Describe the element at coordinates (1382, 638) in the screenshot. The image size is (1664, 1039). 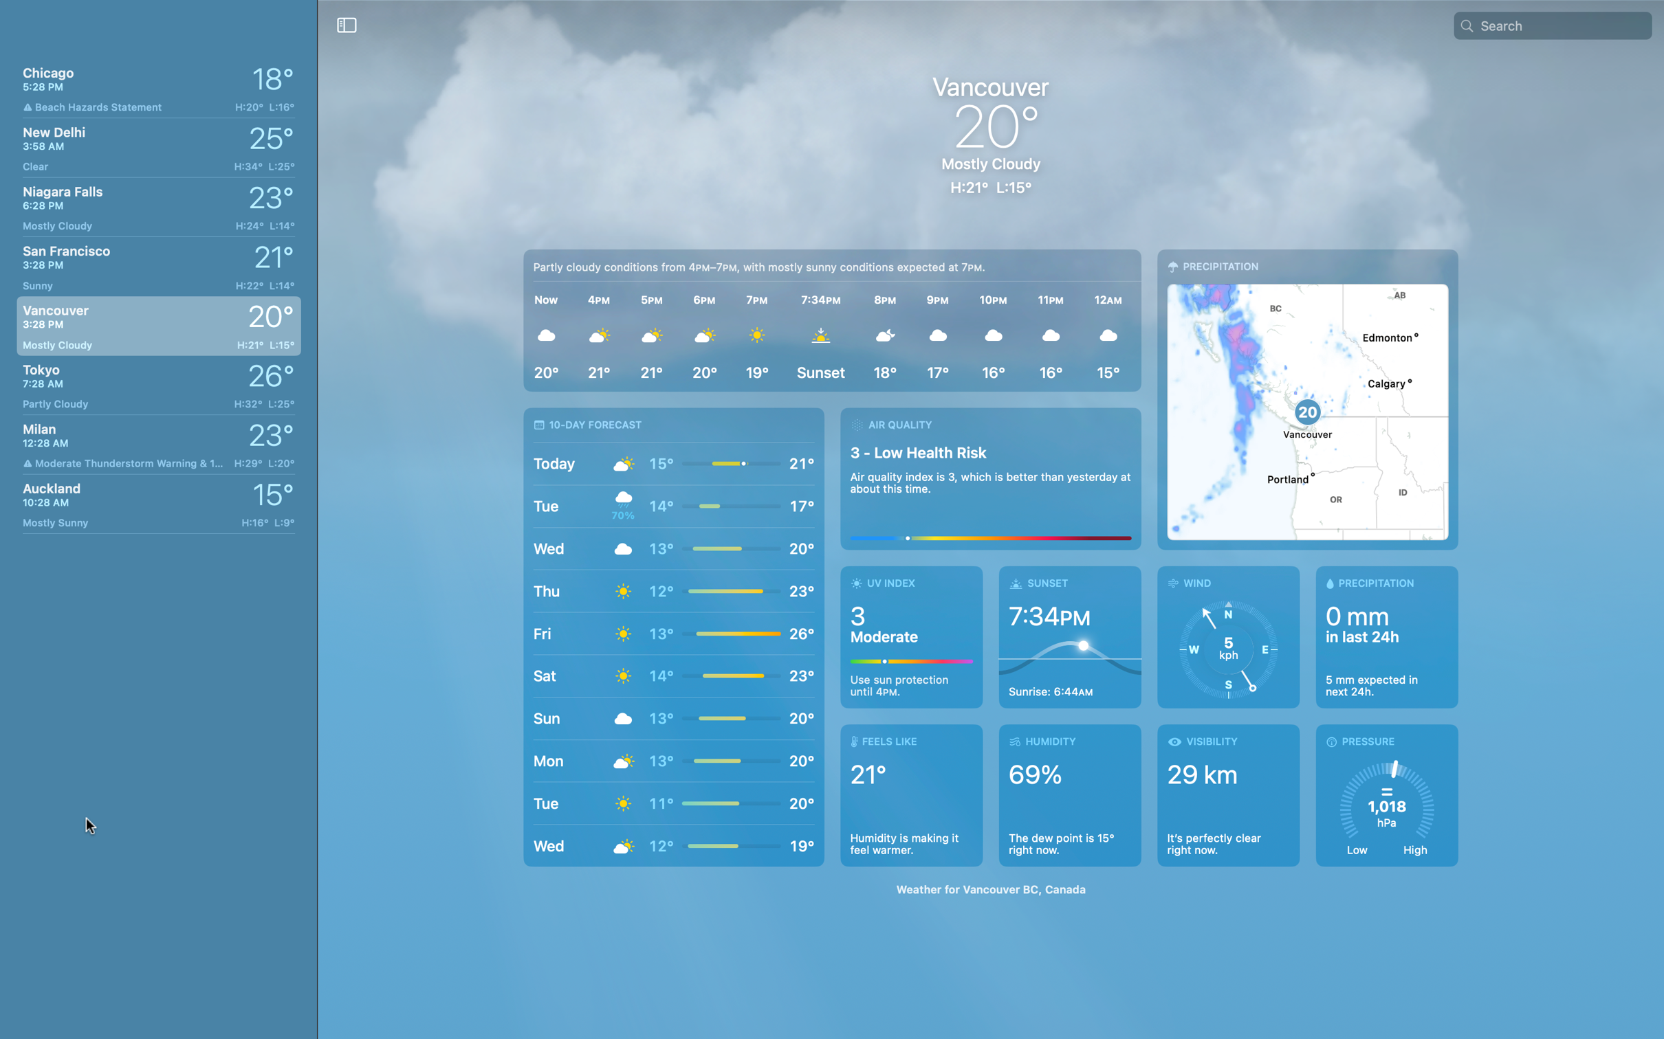
I see `Verify the rain condition in Vancouver` at that location.